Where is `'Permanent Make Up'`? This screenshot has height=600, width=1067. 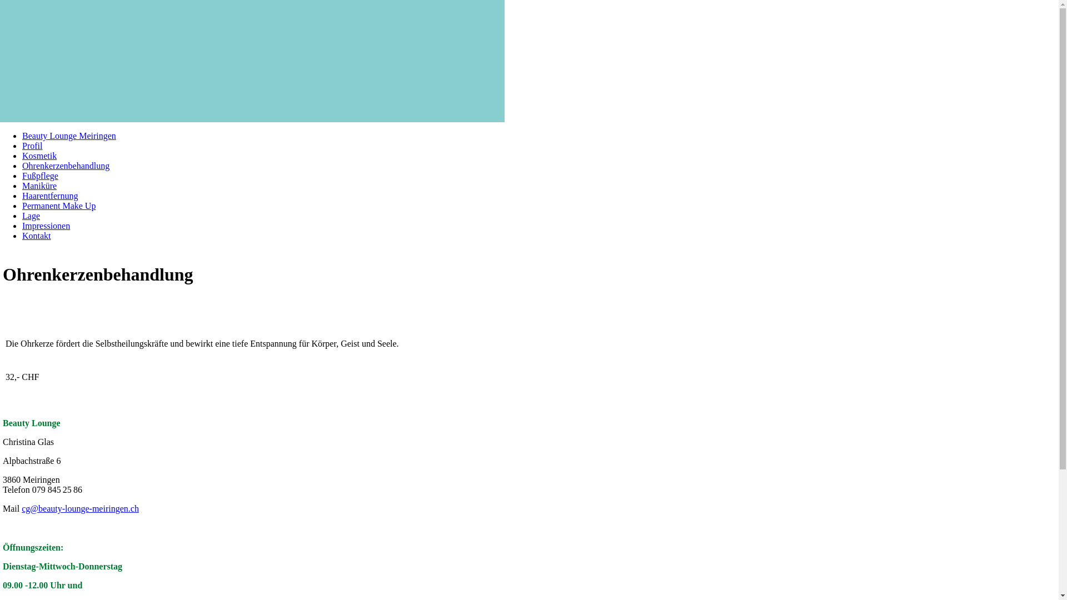 'Permanent Make Up' is located at coordinates (58, 206).